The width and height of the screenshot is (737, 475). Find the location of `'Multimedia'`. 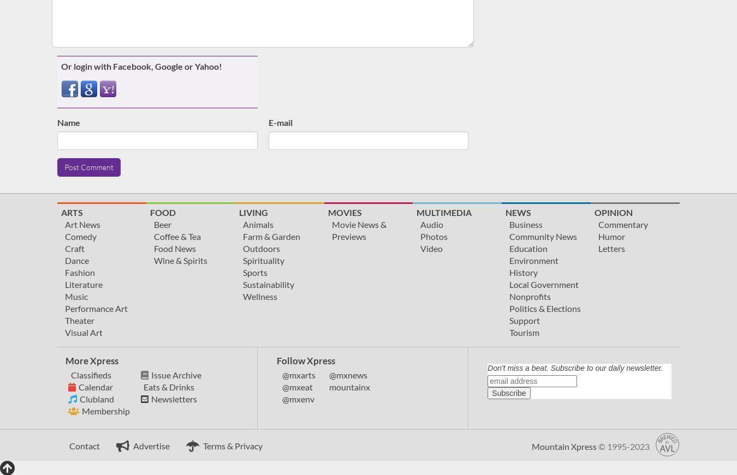

'Multimedia' is located at coordinates (444, 212).